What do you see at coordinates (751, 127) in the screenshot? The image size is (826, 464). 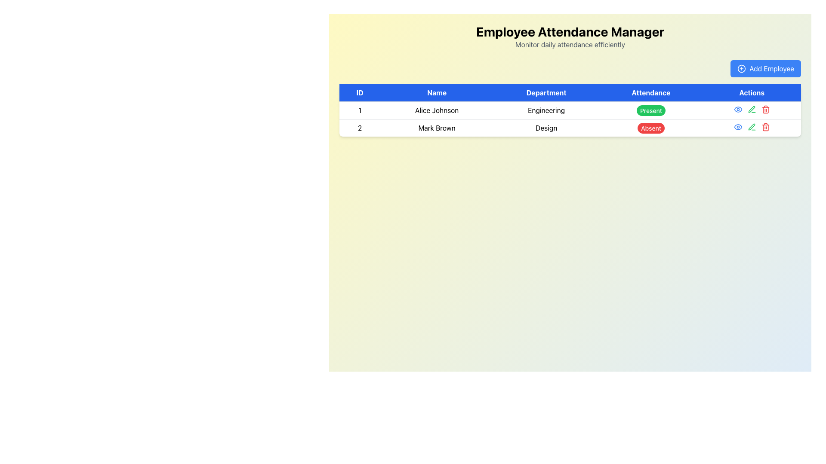 I see `the green pencil icon in the Actions column of the second row` at bounding box center [751, 127].